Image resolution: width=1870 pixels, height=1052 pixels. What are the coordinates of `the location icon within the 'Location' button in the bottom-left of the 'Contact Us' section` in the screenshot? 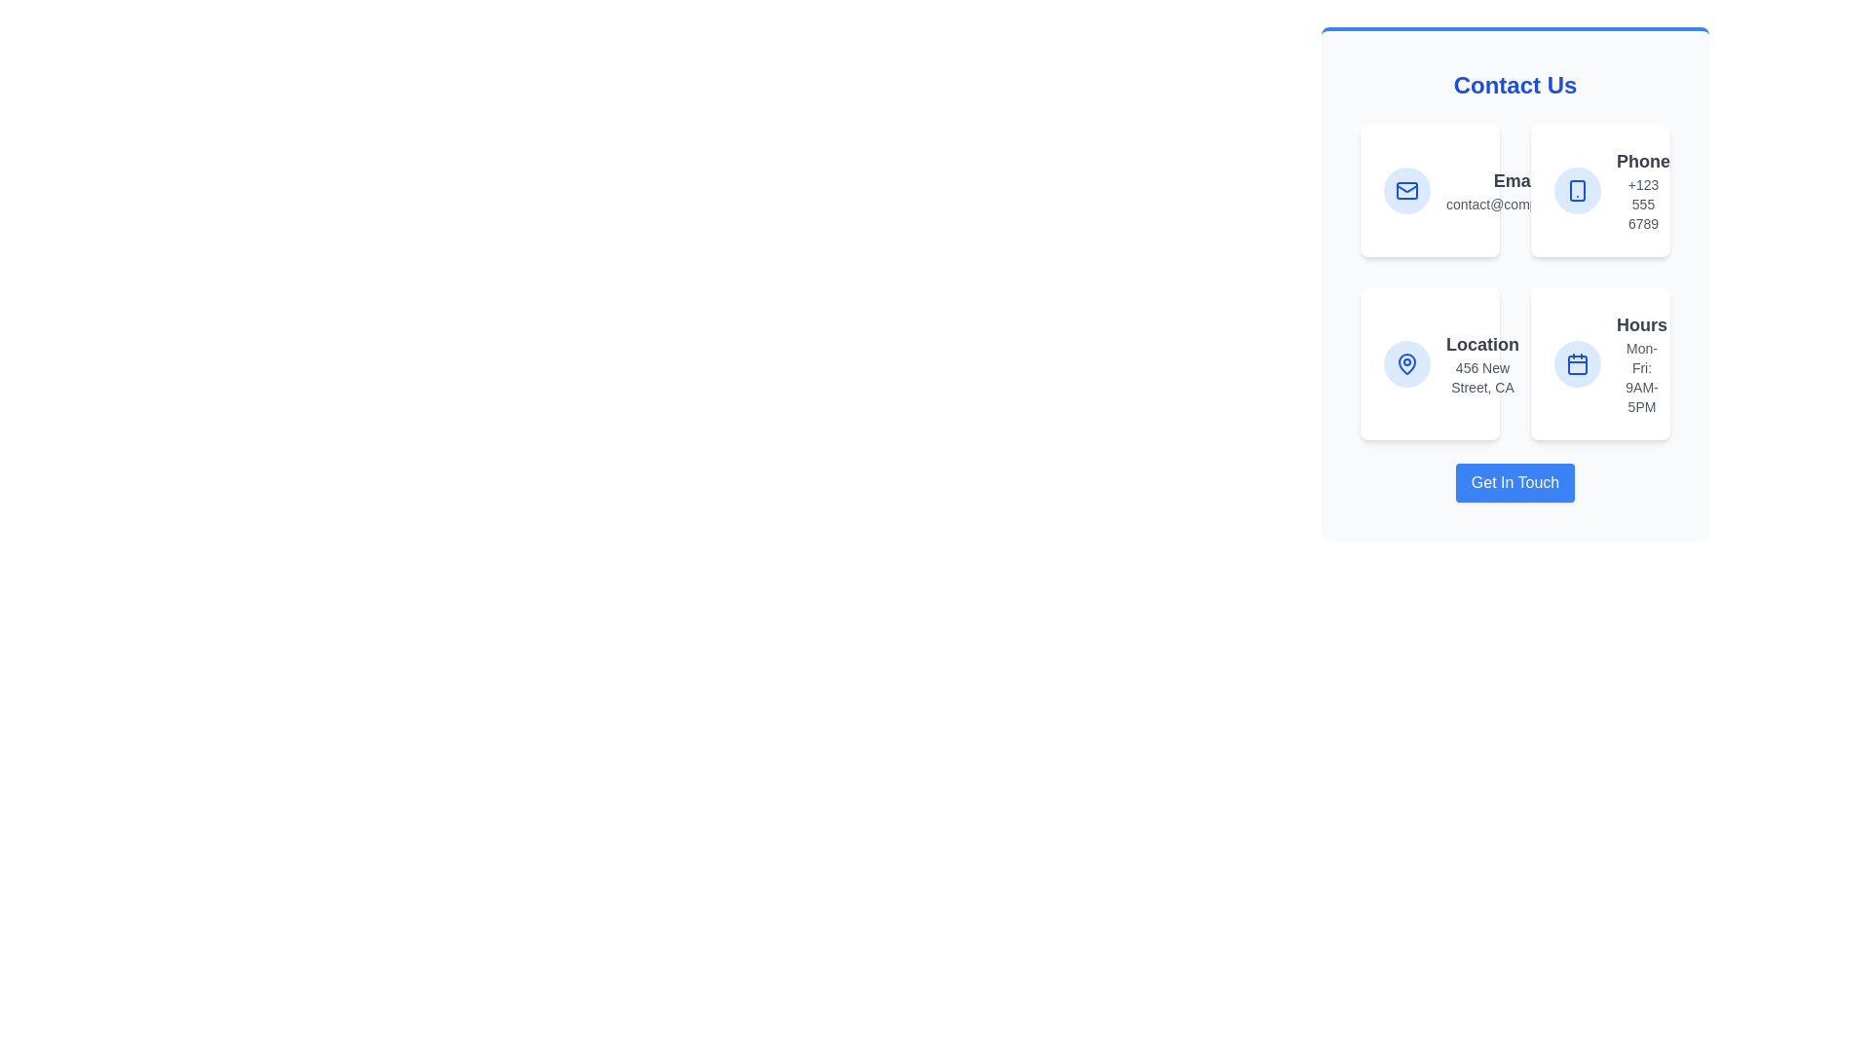 It's located at (1406, 364).